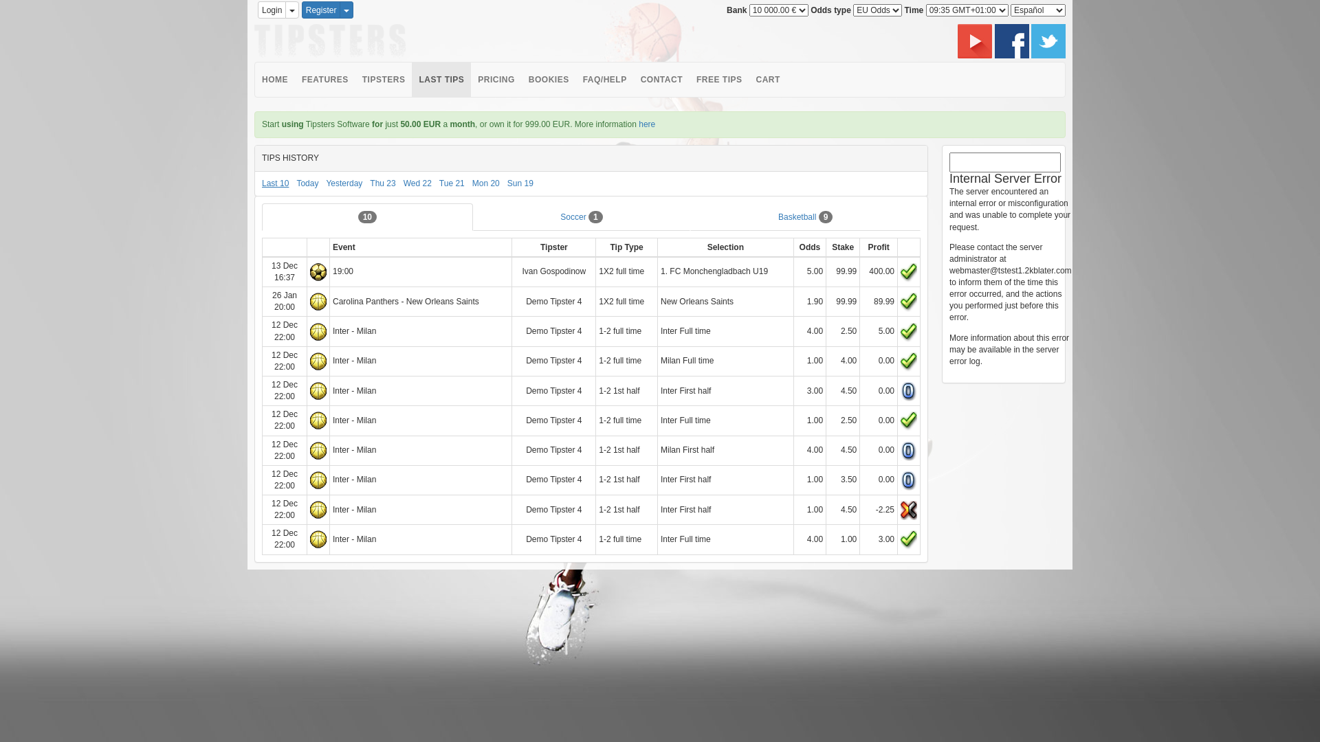 This screenshot has height=742, width=1320. I want to click on 'Register', so click(300, 10).